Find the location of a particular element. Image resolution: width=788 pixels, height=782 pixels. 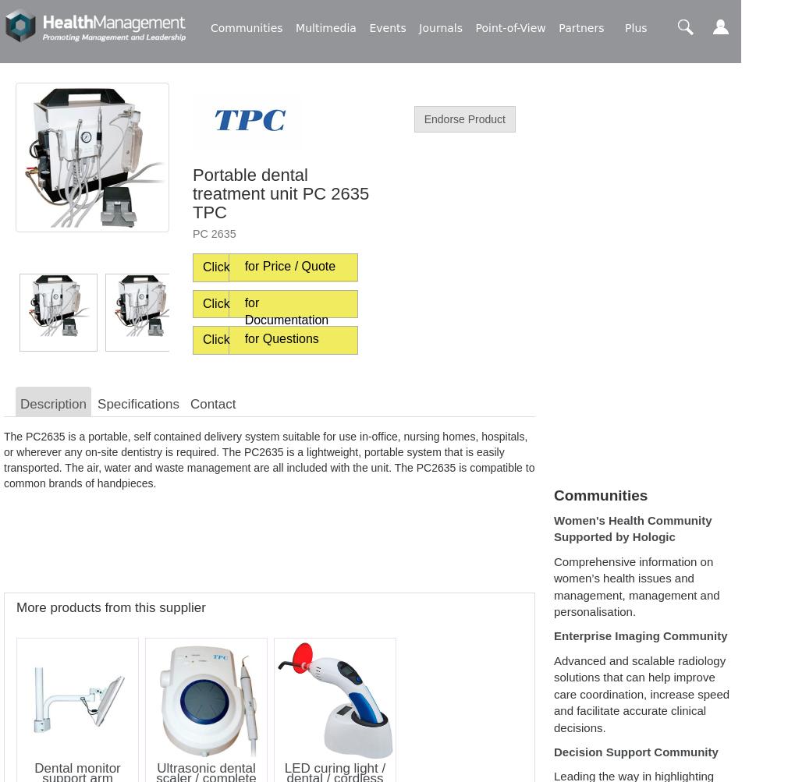

'Events' is located at coordinates (387, 28).